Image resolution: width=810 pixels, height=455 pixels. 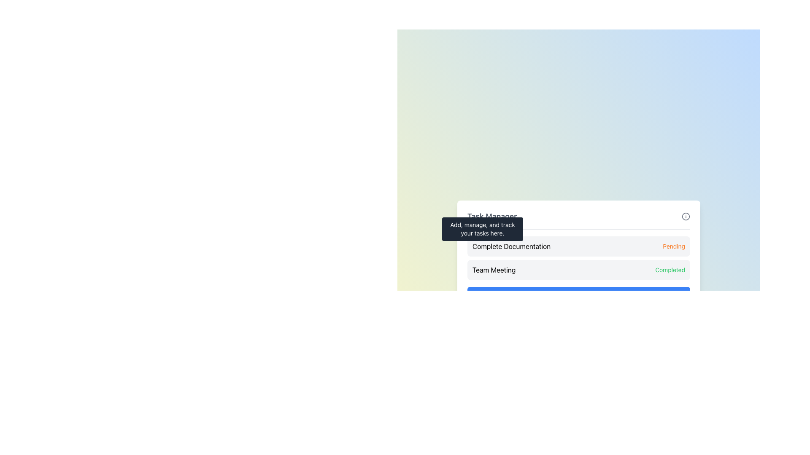 What do you see at coordinates (686, 216) in the screenshot?
I see `the small circular information icon located in the top-right corner of the 'Task Manager' panel` at bounding box center [686, 216].